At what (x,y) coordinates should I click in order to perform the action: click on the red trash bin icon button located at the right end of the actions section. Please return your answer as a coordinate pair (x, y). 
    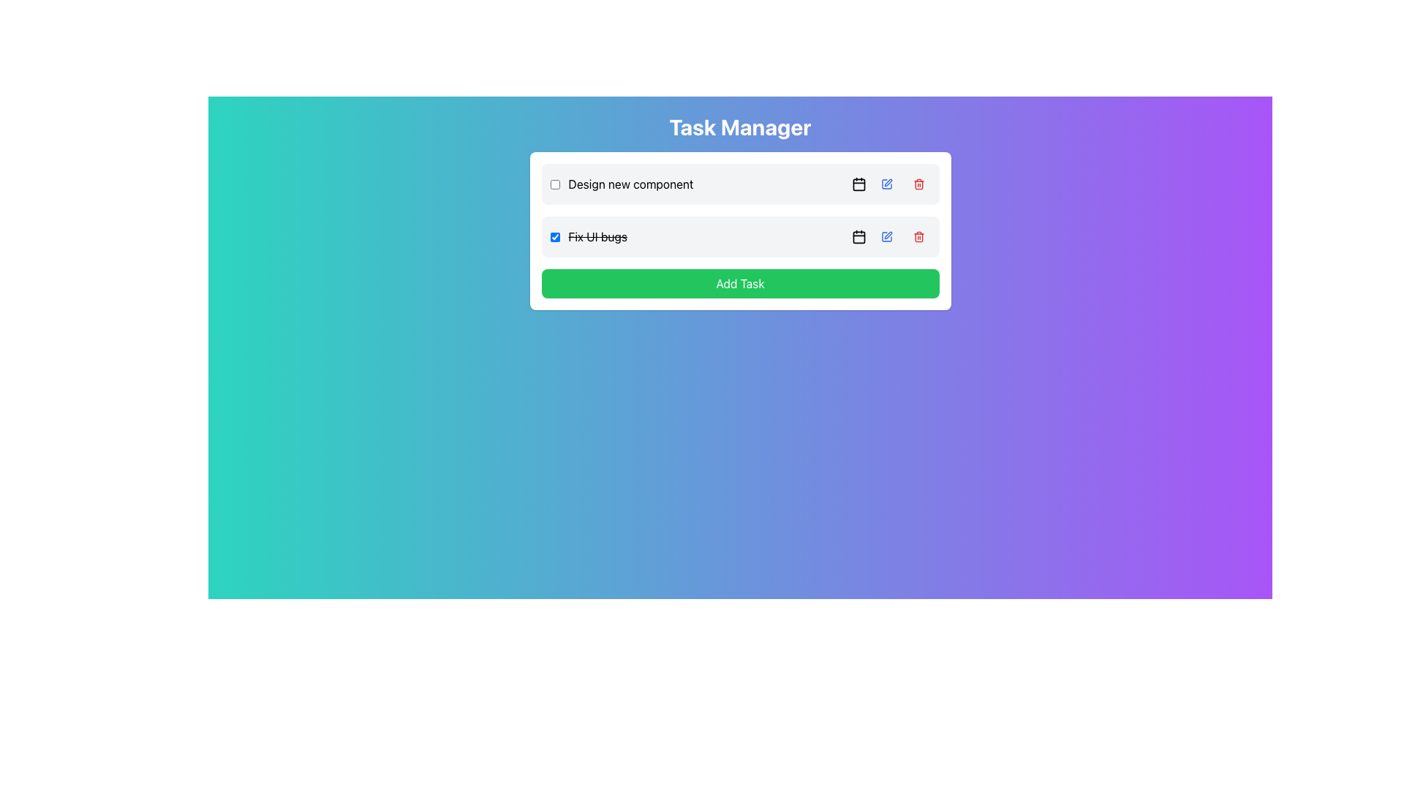
    Looking at the image, I should click on (918, 236).